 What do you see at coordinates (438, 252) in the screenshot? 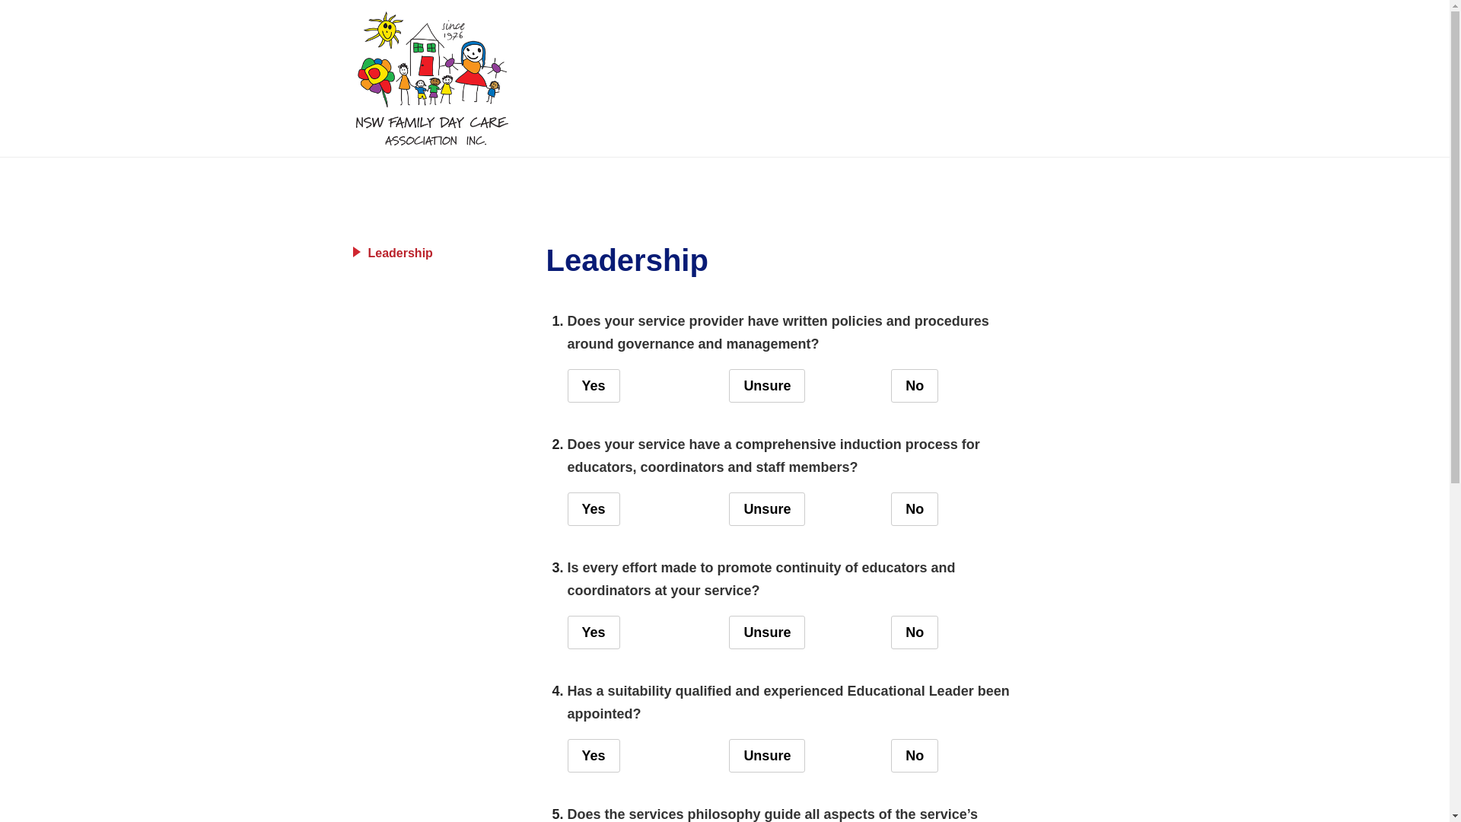
I see `'Leadership'` at bounding box center [438, 252].